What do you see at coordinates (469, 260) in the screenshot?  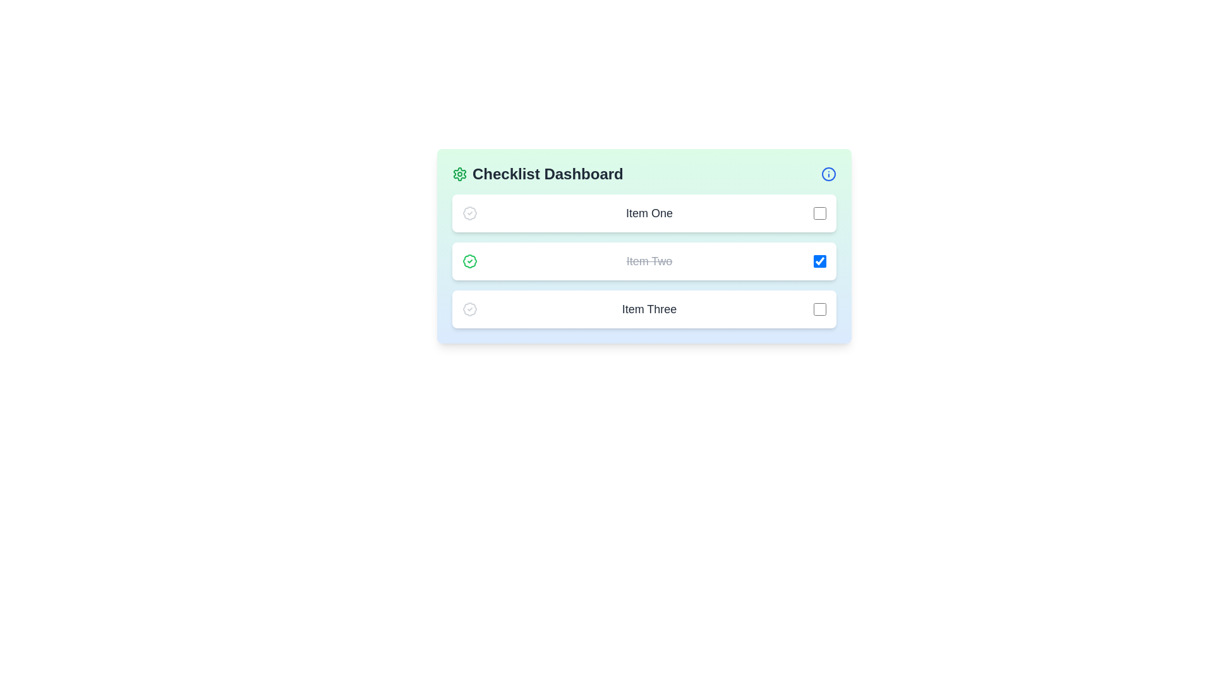 I see `properties of the green scalloped badge icon located beside 'Item Two' in the checklist dashboard` at bounding box center [469, 260].